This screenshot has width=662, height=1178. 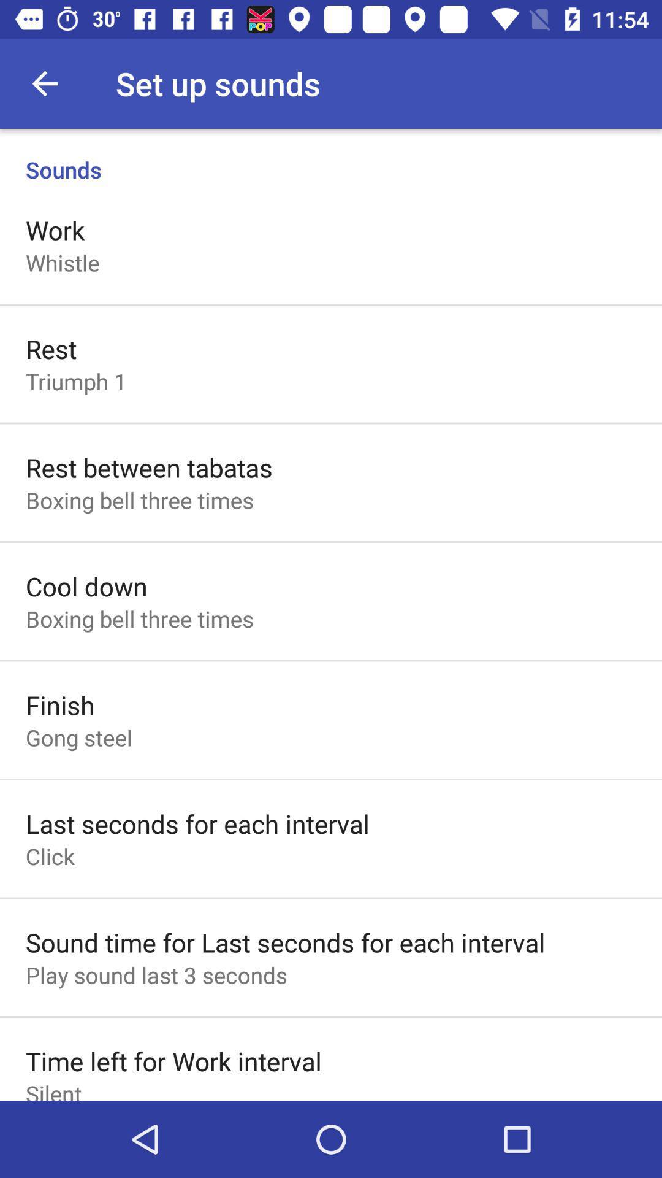 What do you see at coordinates (148, 467) in the screenshot?
I see `the rest between tabatas item` at bounding box center [148, 467].